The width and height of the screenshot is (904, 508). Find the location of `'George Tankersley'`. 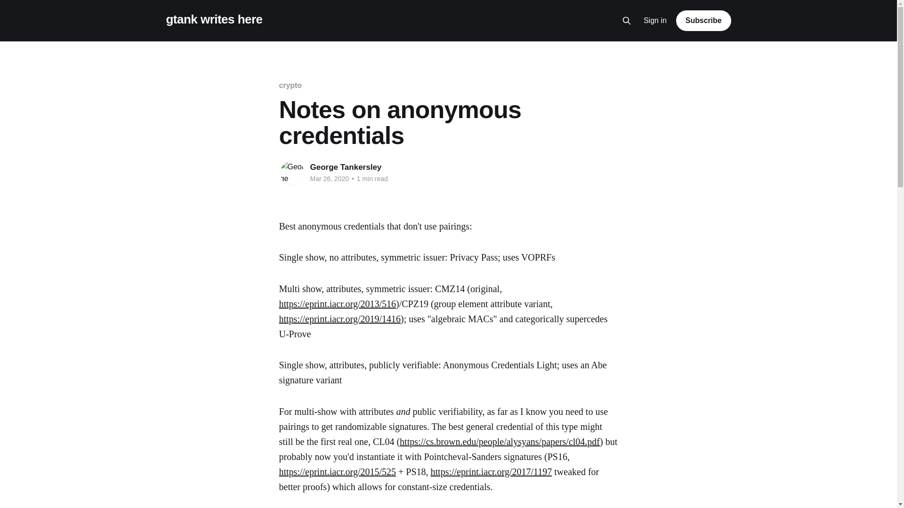

'George Tankersley' is located at coordinates (345, 167).